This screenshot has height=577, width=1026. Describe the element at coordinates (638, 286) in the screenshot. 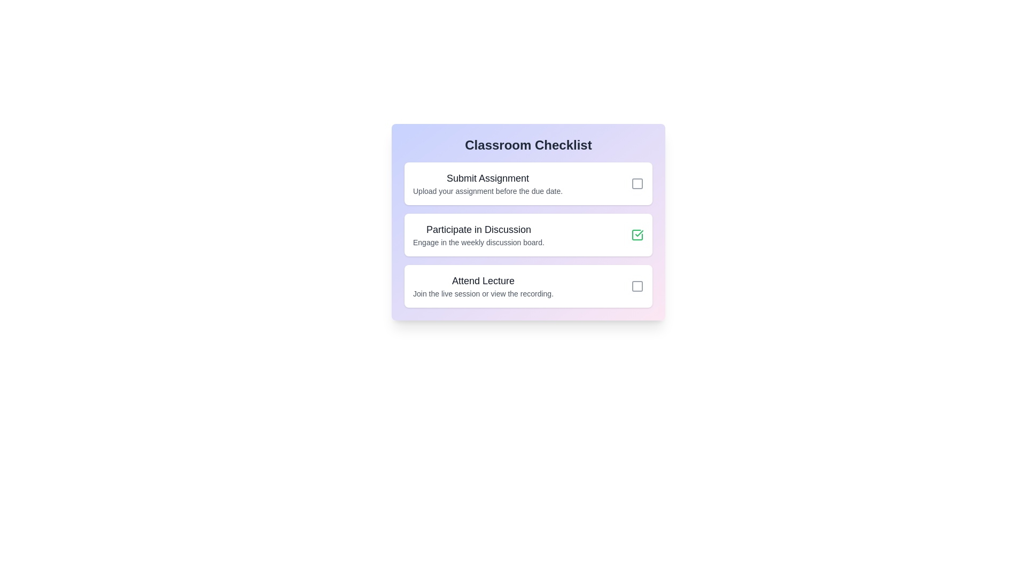

I see `the checkbox located at the far-right end of the 'Attend Lecture' item card to mark the associated checklist item as completed` at that location.